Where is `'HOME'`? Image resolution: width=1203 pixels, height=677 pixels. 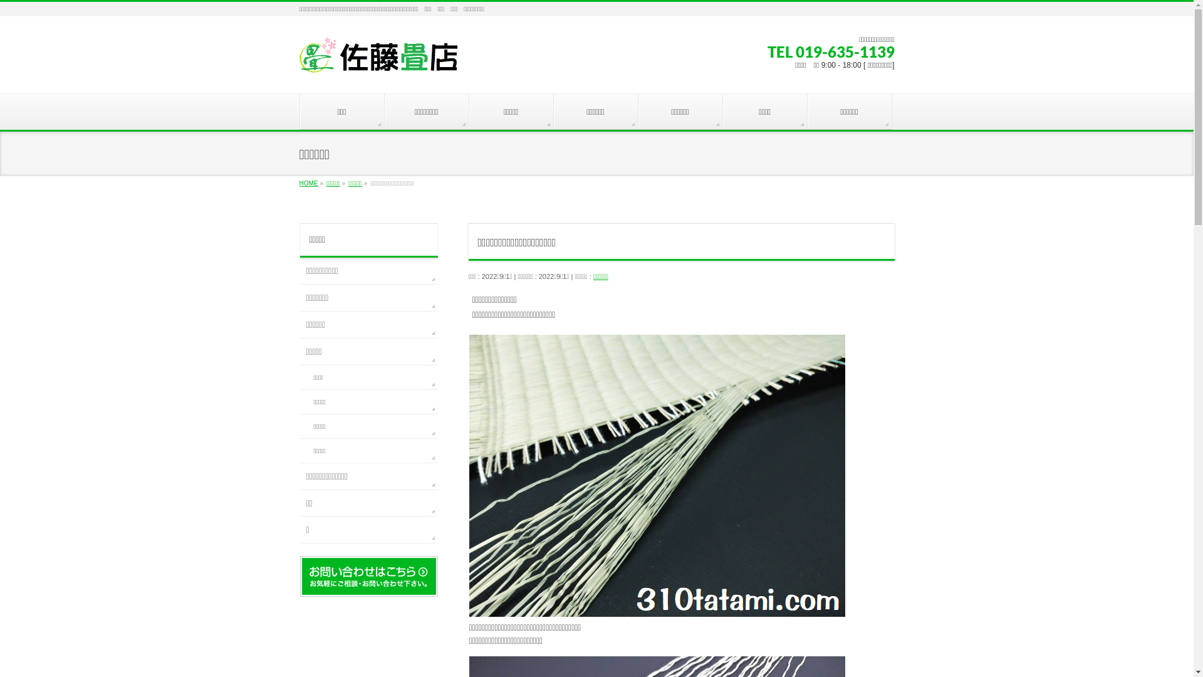
'HOME' is located at coordinates (309, 183).